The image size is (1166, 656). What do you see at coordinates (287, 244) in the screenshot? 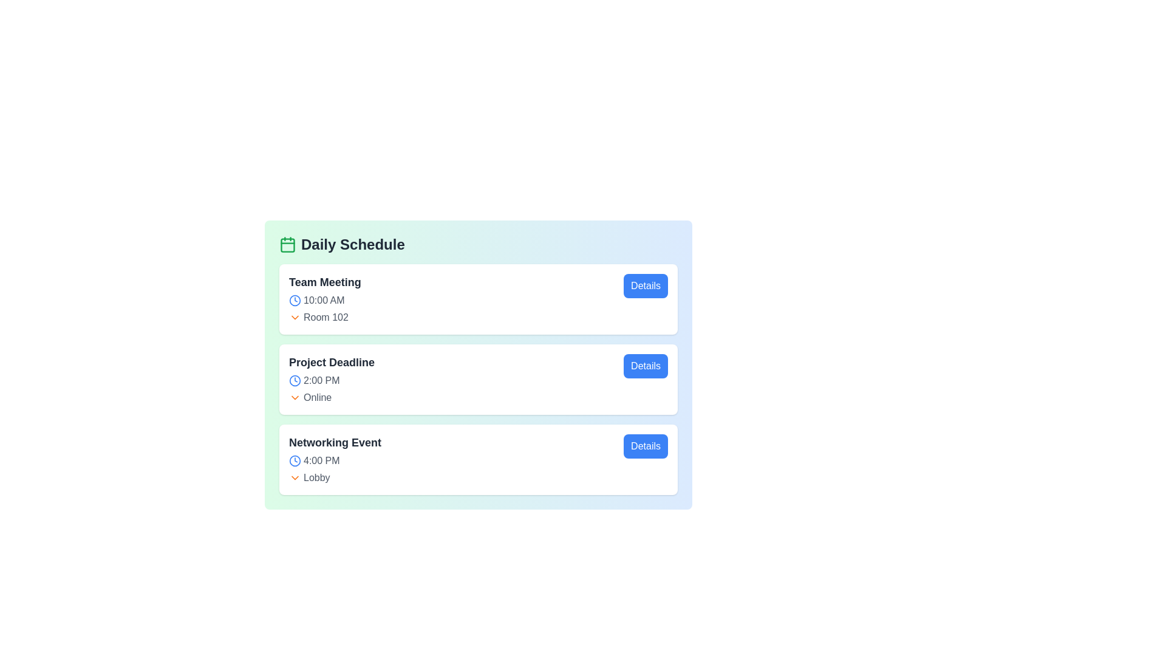
I see `the green calendar icon located to the left of the 'Daily Schedule' text label, which has a rectangular shape with rounded corners and features a minimal design` at bounding box center [287, 244].